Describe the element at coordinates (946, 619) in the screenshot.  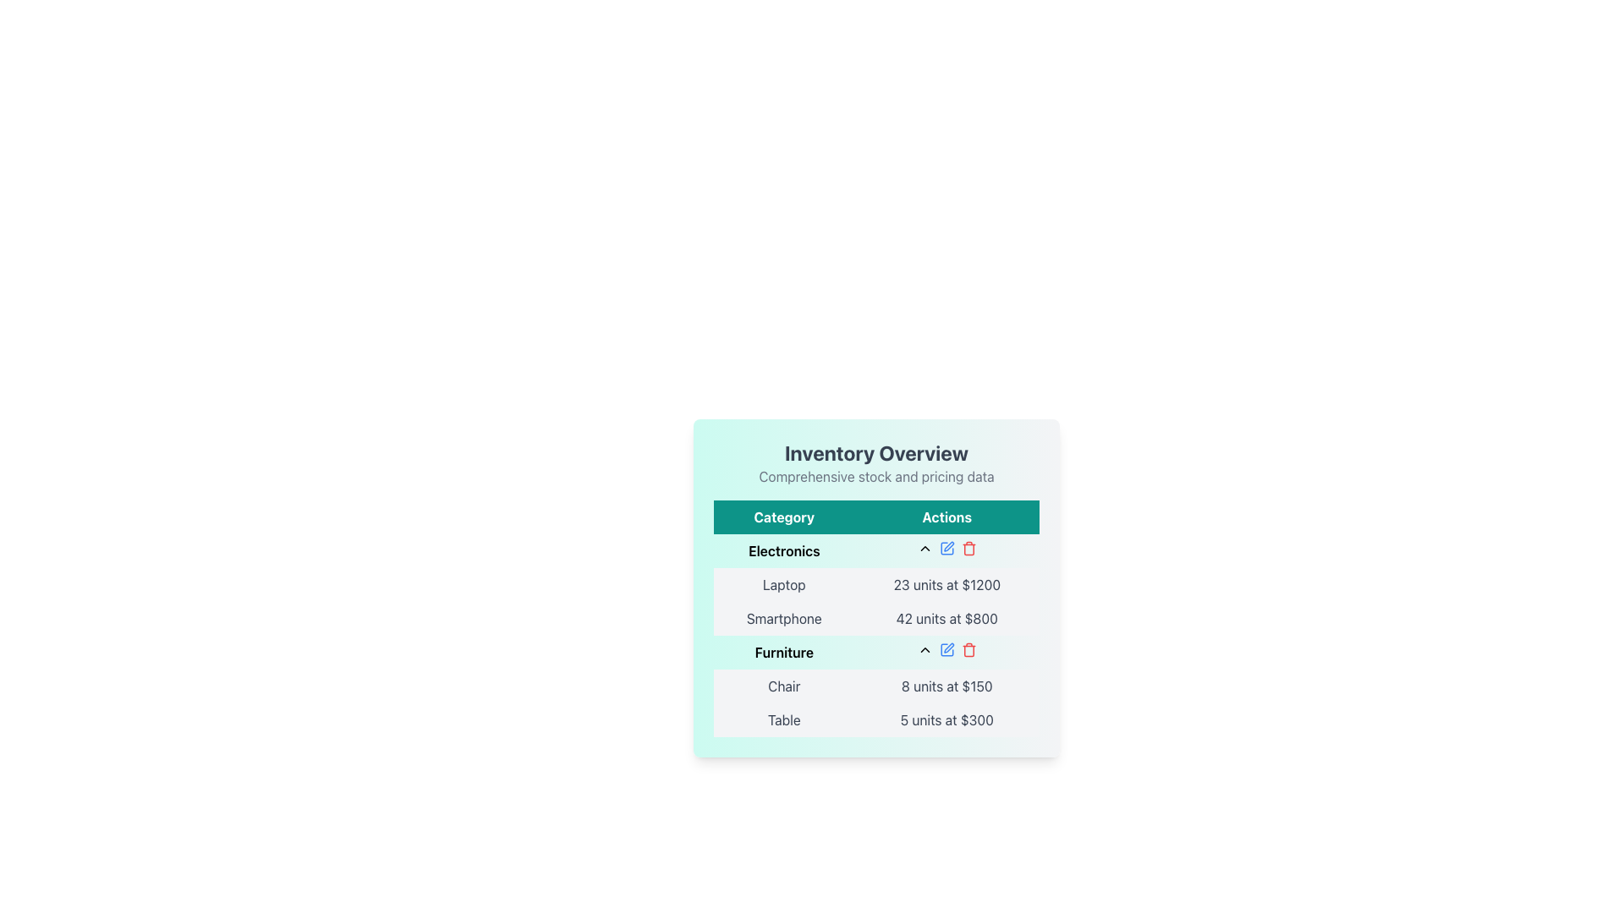
I see `the Text Label displaying '42 units at $800' in the 'Electronics' category of the 'Inventory Overview' table, located next to the 'Smartphone' label` at that location.